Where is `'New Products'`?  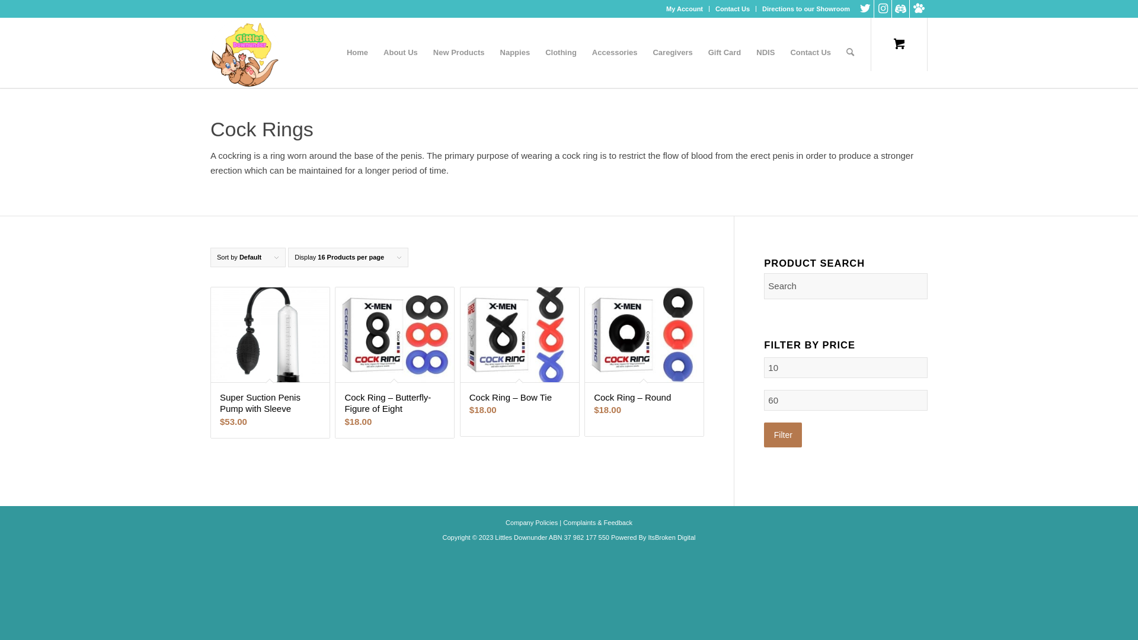 'New Products' is located at coordinates (426, 52).